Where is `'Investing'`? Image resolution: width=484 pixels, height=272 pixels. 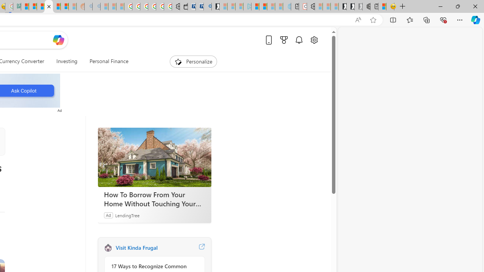 'Investing' is located at coordinates (67, 61).